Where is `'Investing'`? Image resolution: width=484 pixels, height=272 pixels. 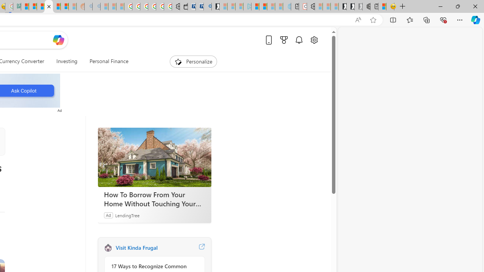 'Investing' is located at coordinates (67, 61).